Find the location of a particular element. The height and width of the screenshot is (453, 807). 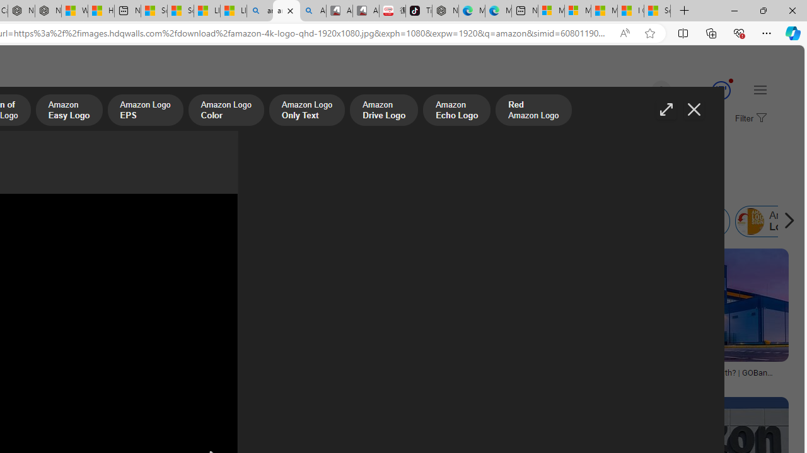

'TikTok' is located at coordinates (419, 11).